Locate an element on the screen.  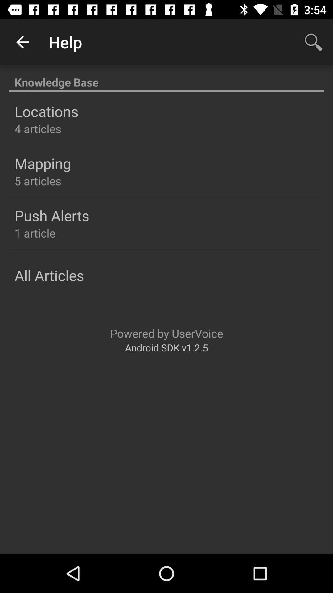
the powered by uservoice item is located at coordinates (166, 333).